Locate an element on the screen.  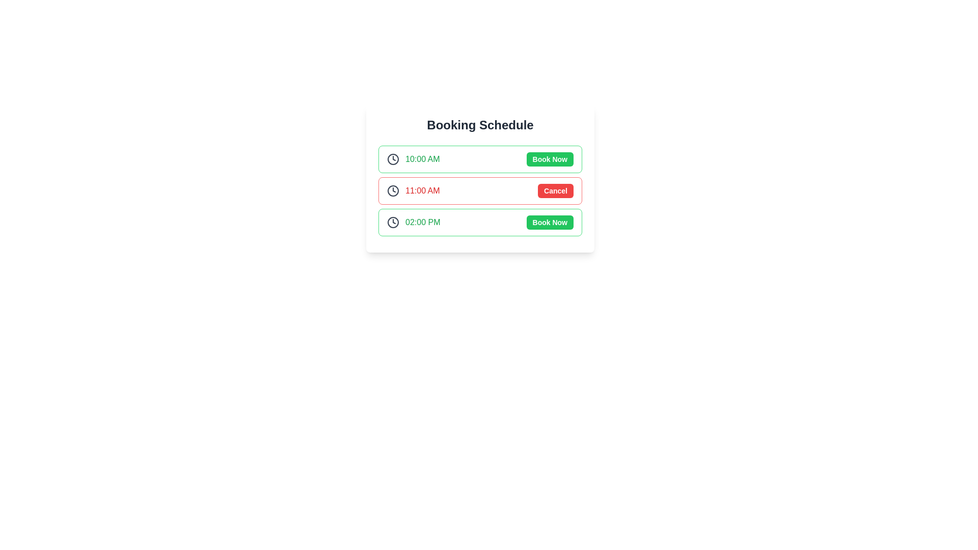
the green button labeled 'Book Now' located in the booking card for '02:00 PM' at the far right to book the slot is located at coordinates (549, 222).